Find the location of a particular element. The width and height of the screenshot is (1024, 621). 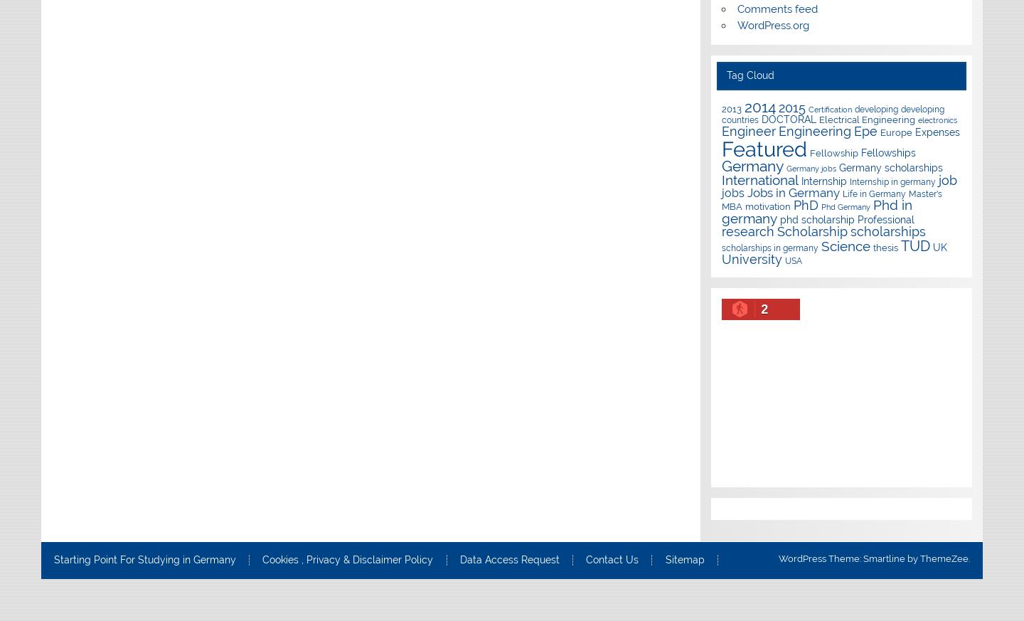

'Fellowship' is located at coordinates (809, 152).